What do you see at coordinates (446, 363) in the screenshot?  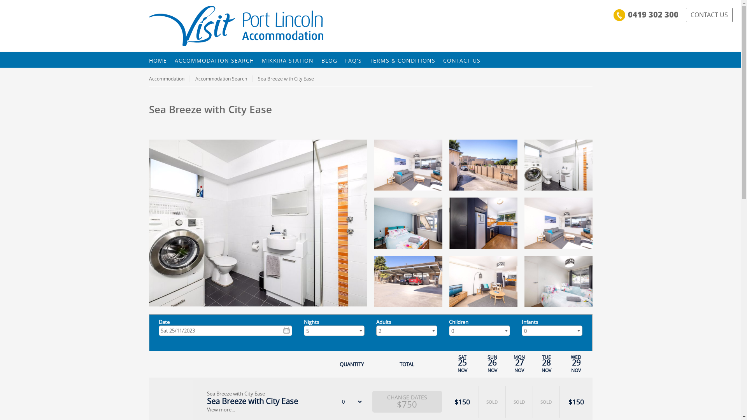 I see `'25'` at bounding box center [446, 363].